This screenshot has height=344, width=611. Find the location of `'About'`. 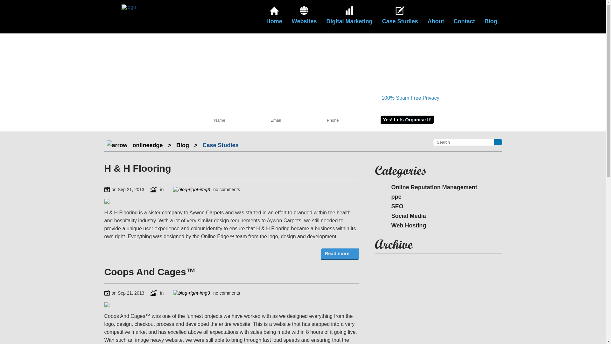

'About' is located at coordinates (435, 16).